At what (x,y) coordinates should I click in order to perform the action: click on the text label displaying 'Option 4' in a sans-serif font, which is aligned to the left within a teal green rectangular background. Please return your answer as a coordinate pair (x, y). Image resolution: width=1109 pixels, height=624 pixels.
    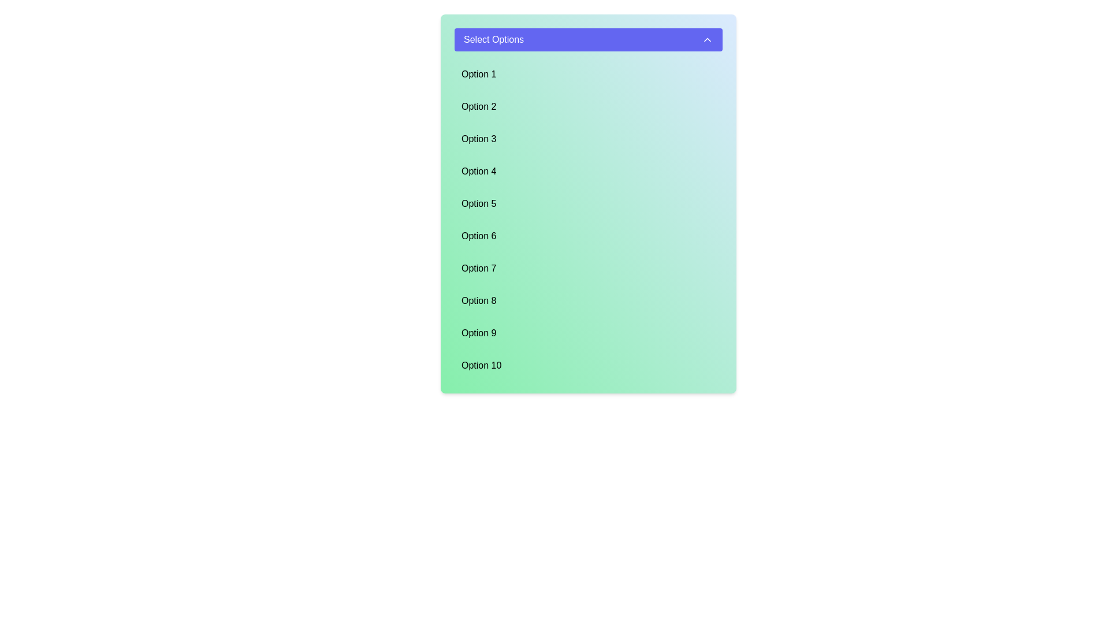
    Looking at the image, I should click on (479, 172).